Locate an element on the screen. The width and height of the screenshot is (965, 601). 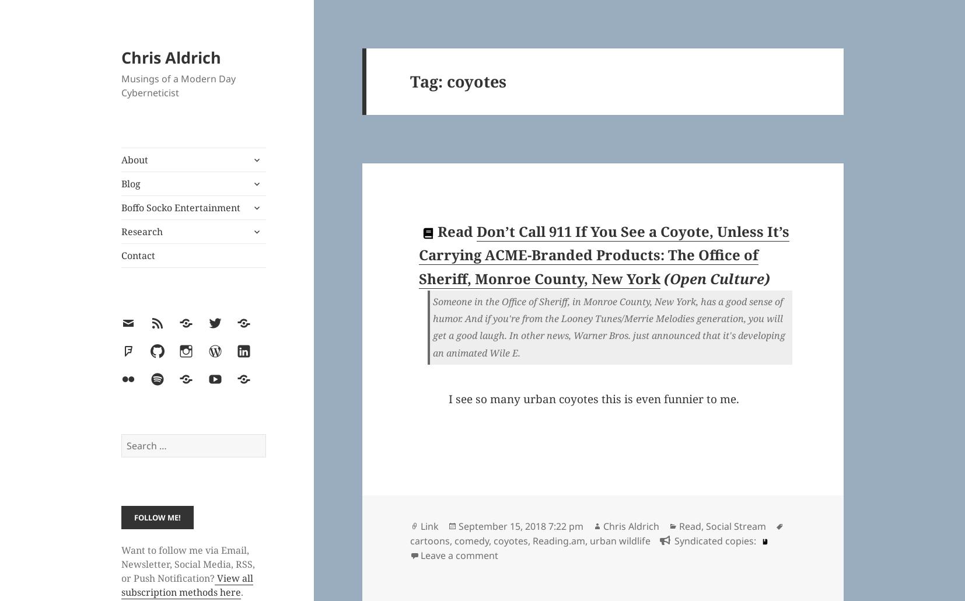
'Want to follow me via Email, Newsletter, Social Media, RSS, or Push Notification?' is located at coordinates (187, 563).